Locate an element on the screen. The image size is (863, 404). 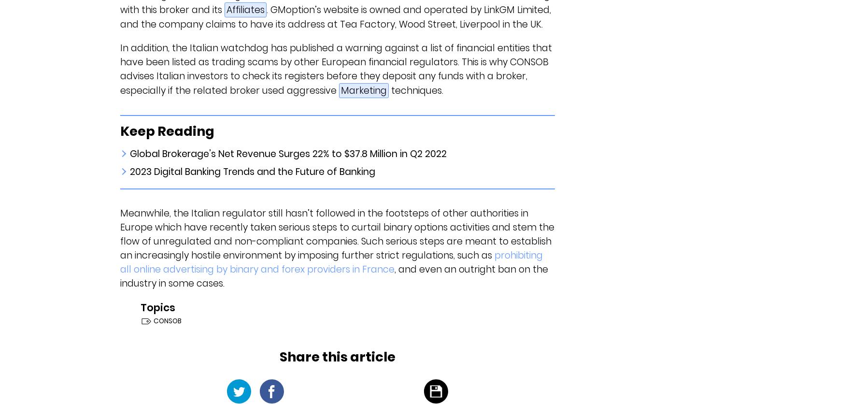
'In addition, the Italian watchdog has published a warning against a list of financial entities that have been listed as trading scams by other European financial regulators. This is why CONSOB advises Italian investors to check its registers before they deposit any funds with a broker, especially if the related broker used aggressive' is located at coordinates (335, 69).